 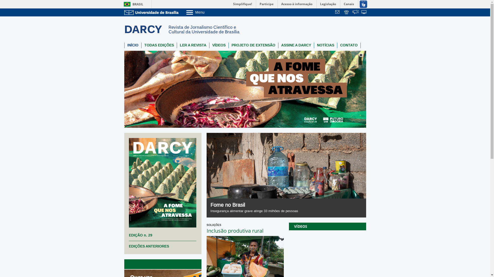 What do you see at coordinates (208, 12) in the screenshot?
I see `'Menu'` at bounding box center [208, 12].